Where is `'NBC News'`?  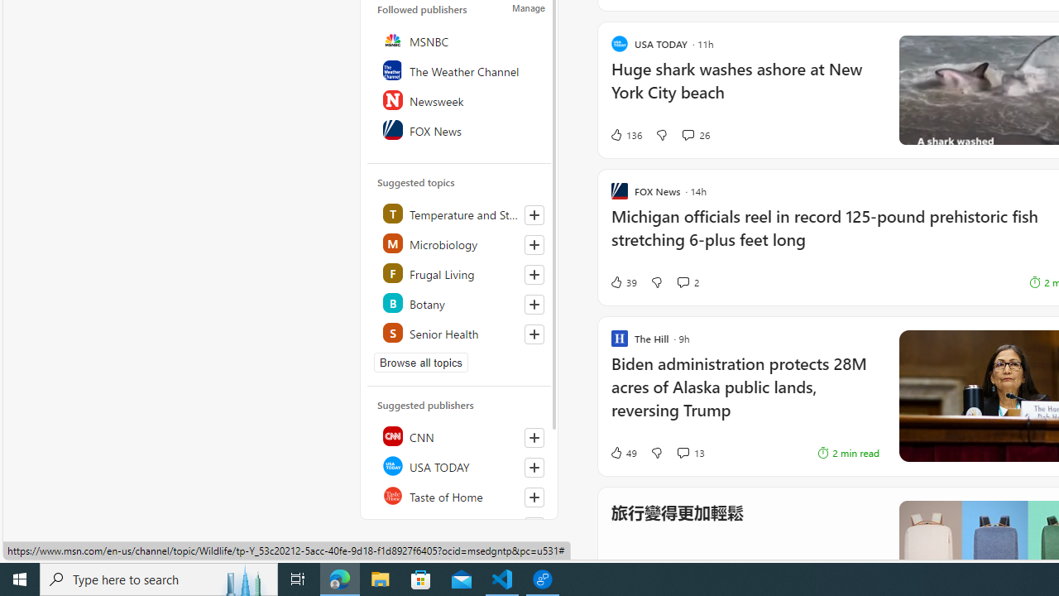
'NBC News' is located at coordinates (460, 526).